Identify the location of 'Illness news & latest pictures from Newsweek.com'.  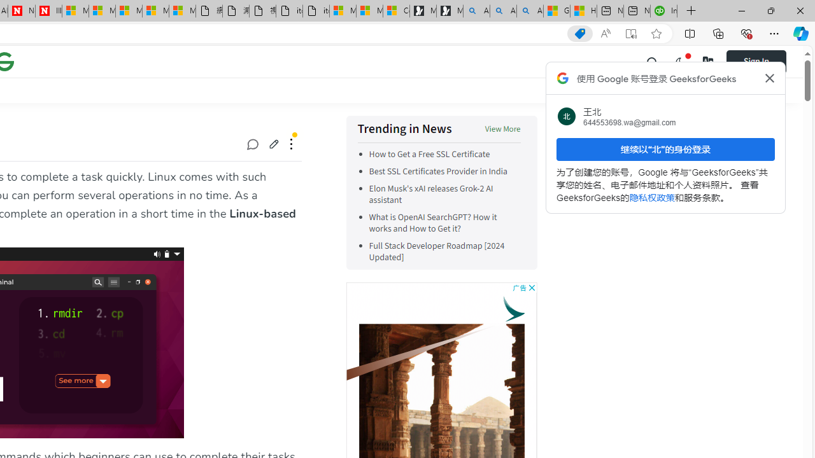
(48, 11).